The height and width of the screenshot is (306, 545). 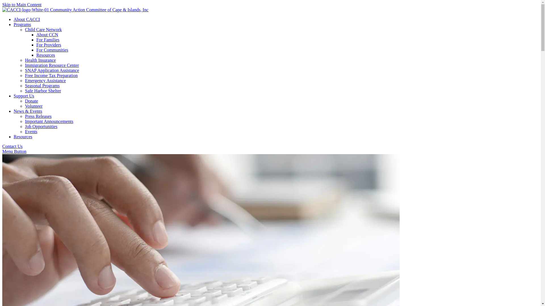 I want to click on 'Job Opportunities', so click(x=24, y=126).